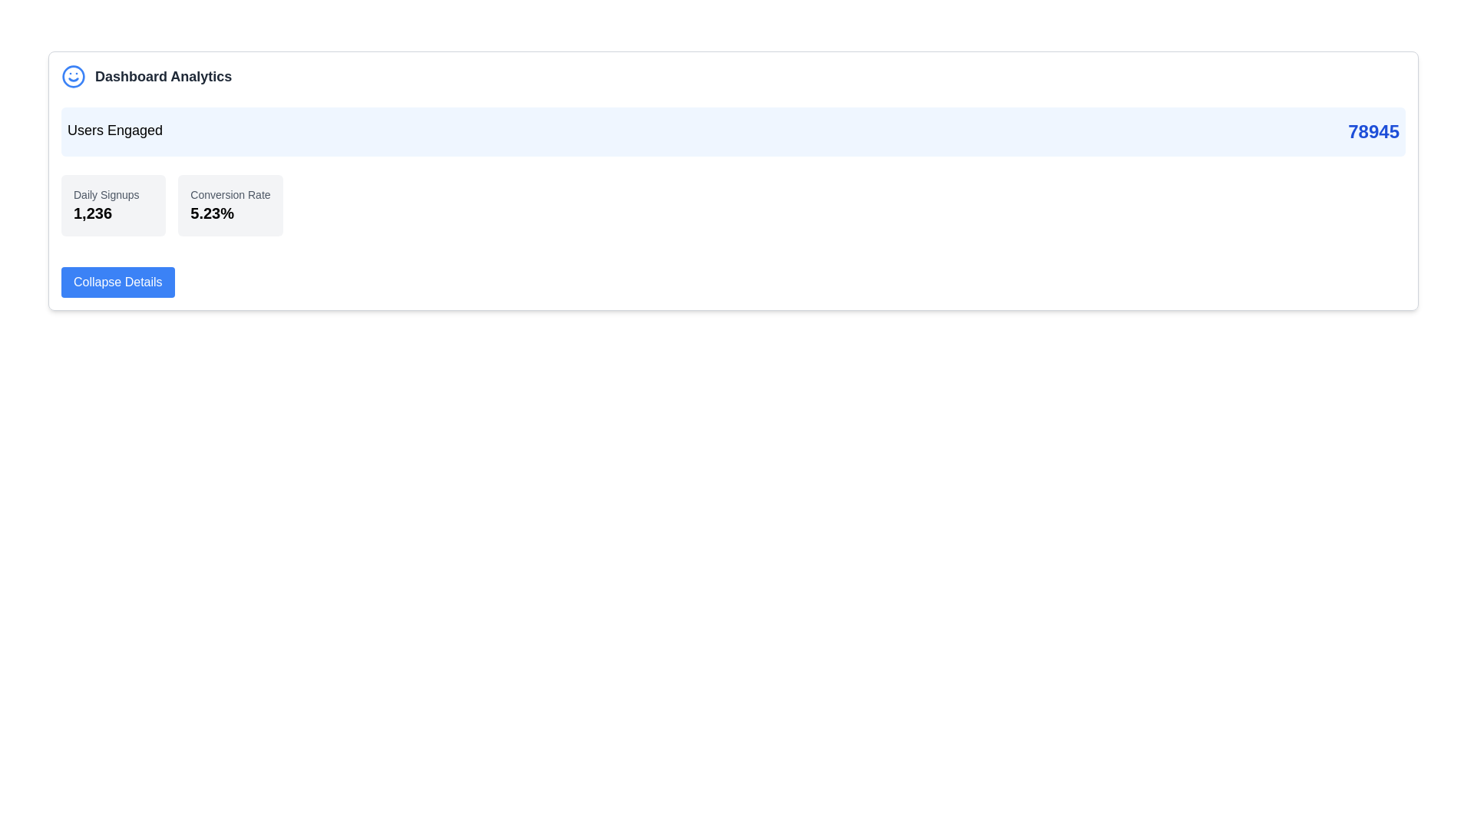  Describe the element at coordinates (732, 131) in the screenshot. I see `the 'Users Engaged' informational display panel located in the 'Dashboard Analytics' section of the interface` at that location.